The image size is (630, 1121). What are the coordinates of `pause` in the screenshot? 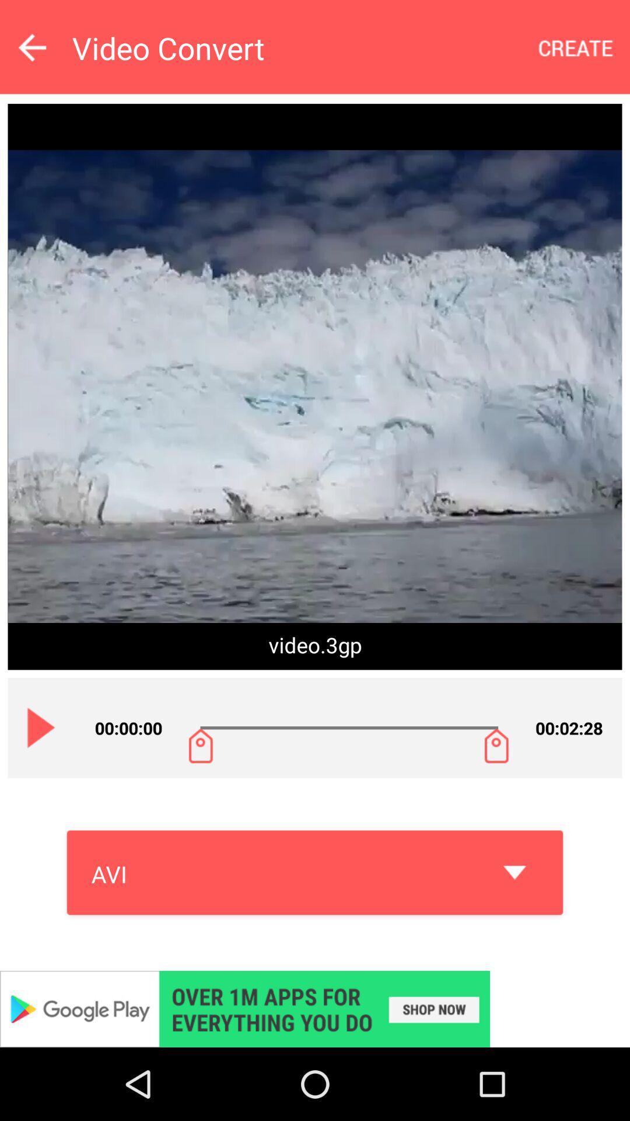 It's located at (41, 727).